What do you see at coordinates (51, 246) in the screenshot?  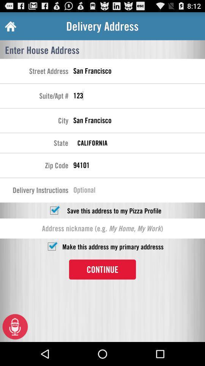 I see `checkbox setting primary address` at bounding box center [51, 246].